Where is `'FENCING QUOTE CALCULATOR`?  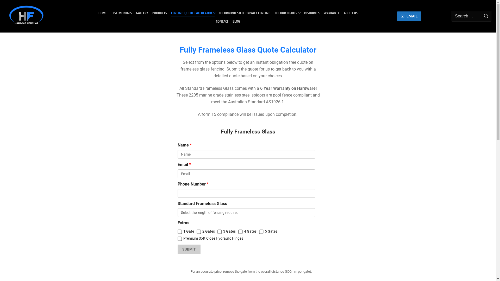
'FENCING QUOTE CALCULATOR is located at coordinates (192, 11).